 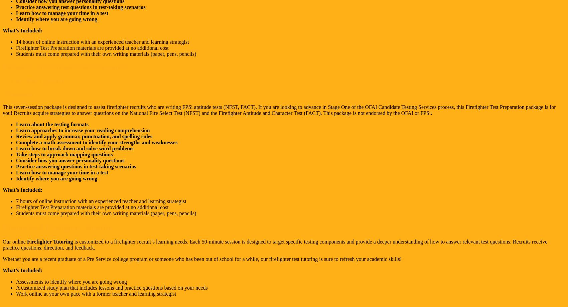 I want to click on 'Our online', so click(x=14, y=241).